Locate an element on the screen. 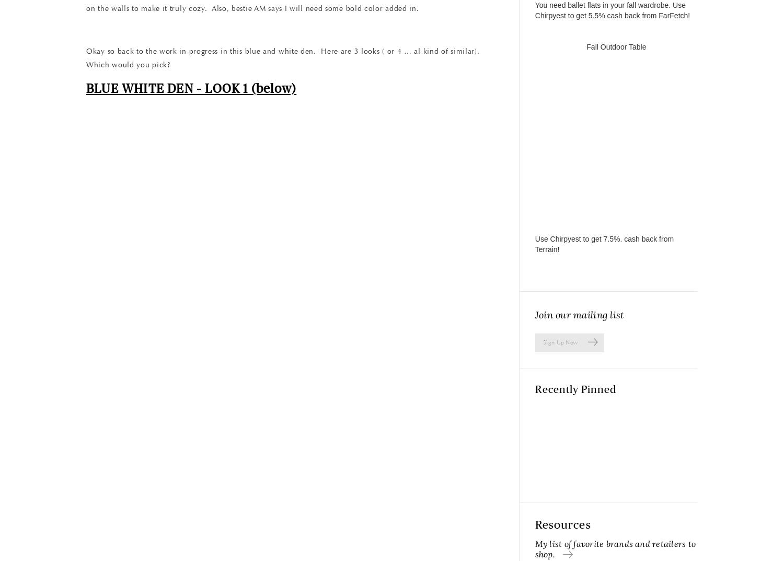 Image resolution: width=784 pixels, height=561 pixels. 'Recently Pinned' is located at coordinates (575, 389).